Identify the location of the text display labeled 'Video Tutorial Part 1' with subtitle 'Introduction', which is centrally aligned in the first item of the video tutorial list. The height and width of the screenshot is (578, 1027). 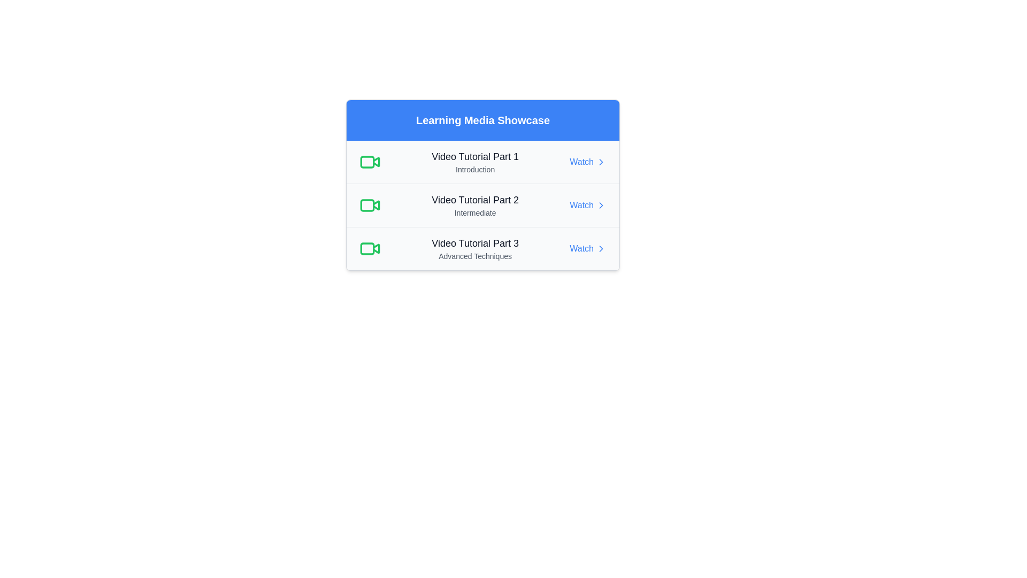
(474, 162).